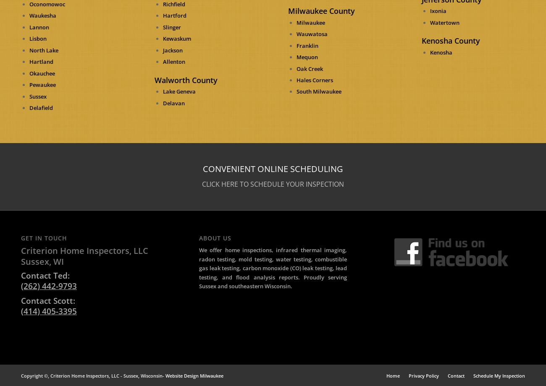 This screenshot has width=546, height=386. Describe the element at coordinates (212, 249) in the screenshot. I see `'We offer'` at that location.